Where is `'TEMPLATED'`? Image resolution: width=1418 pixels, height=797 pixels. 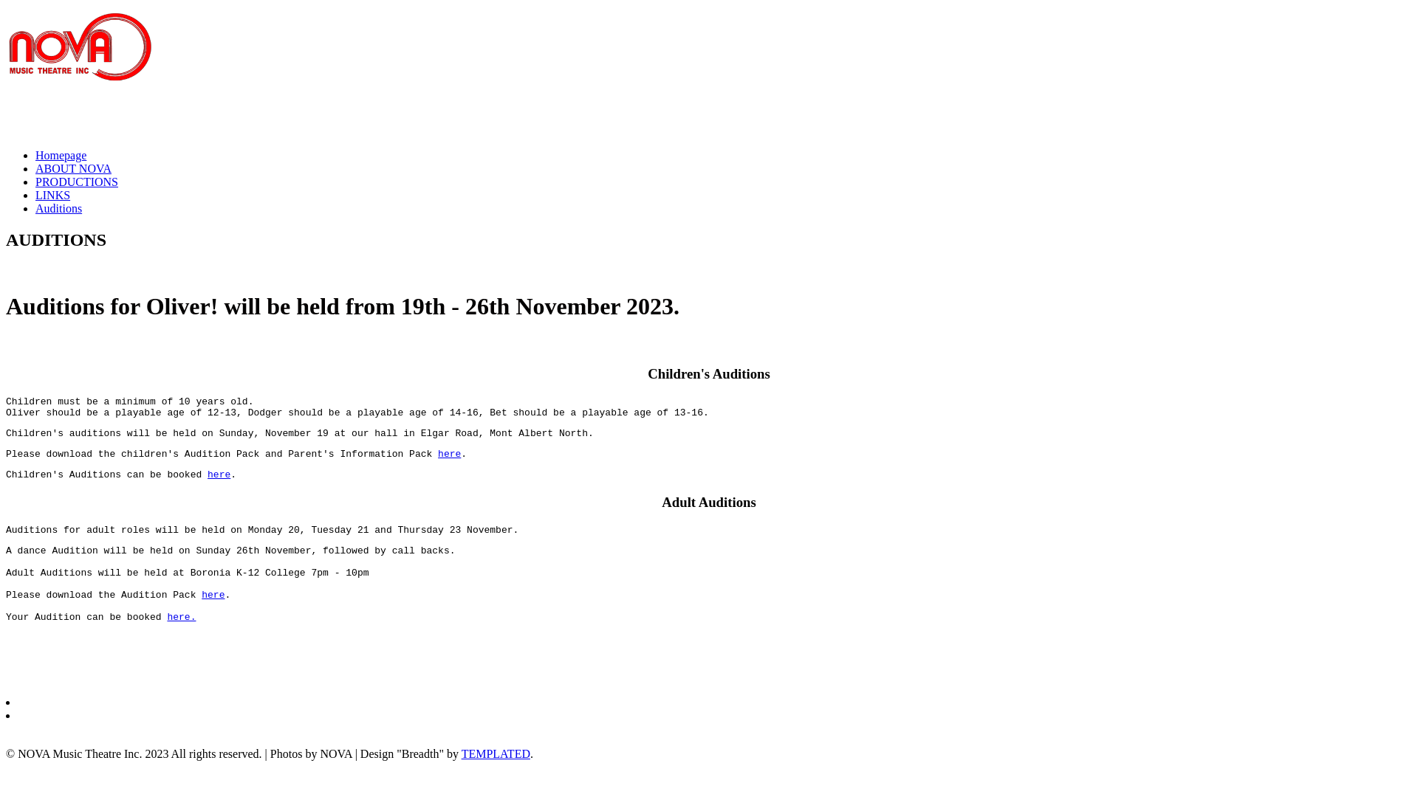
'TEMPLATED' is located at coordinates (460, 753).